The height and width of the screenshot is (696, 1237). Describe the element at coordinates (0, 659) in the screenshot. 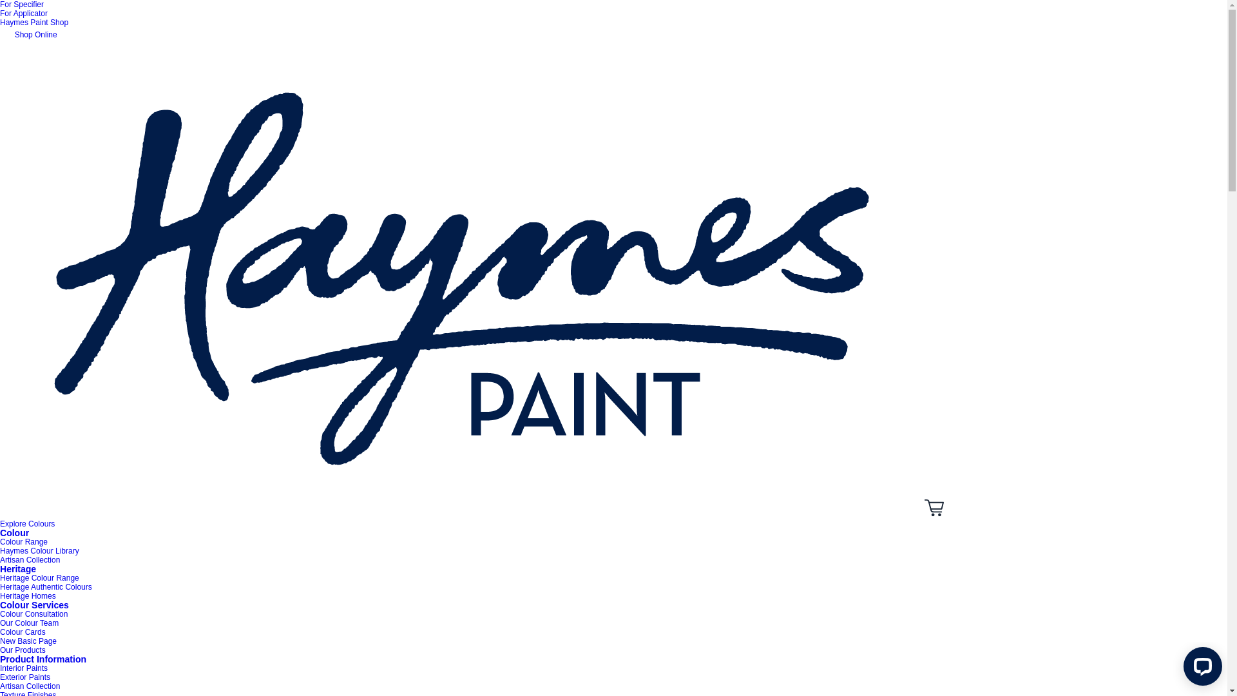

I see `'Product Information'` at that location.